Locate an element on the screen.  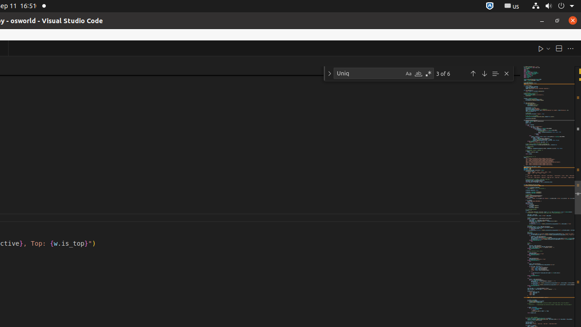
':1.21/StatusNotifierItem' is located at coordinates (512, 6).